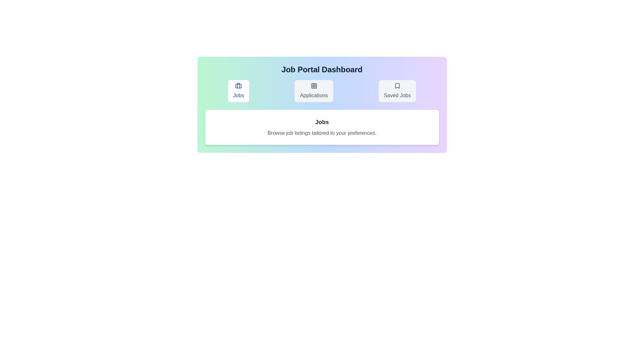 The width and height of the screenshot is (623, 350). Describe the element at coordinates (397, 91) in the screenshot. I see `the tab labeled Saved Jobs to activate its content` at that location.